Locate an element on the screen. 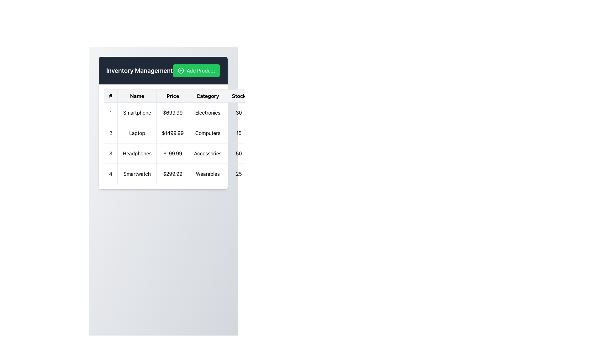  the circular icon with a plus sign in the middle, which is enclosed within the green button labeled 'Add Product' is located at coordinates (181, 70).